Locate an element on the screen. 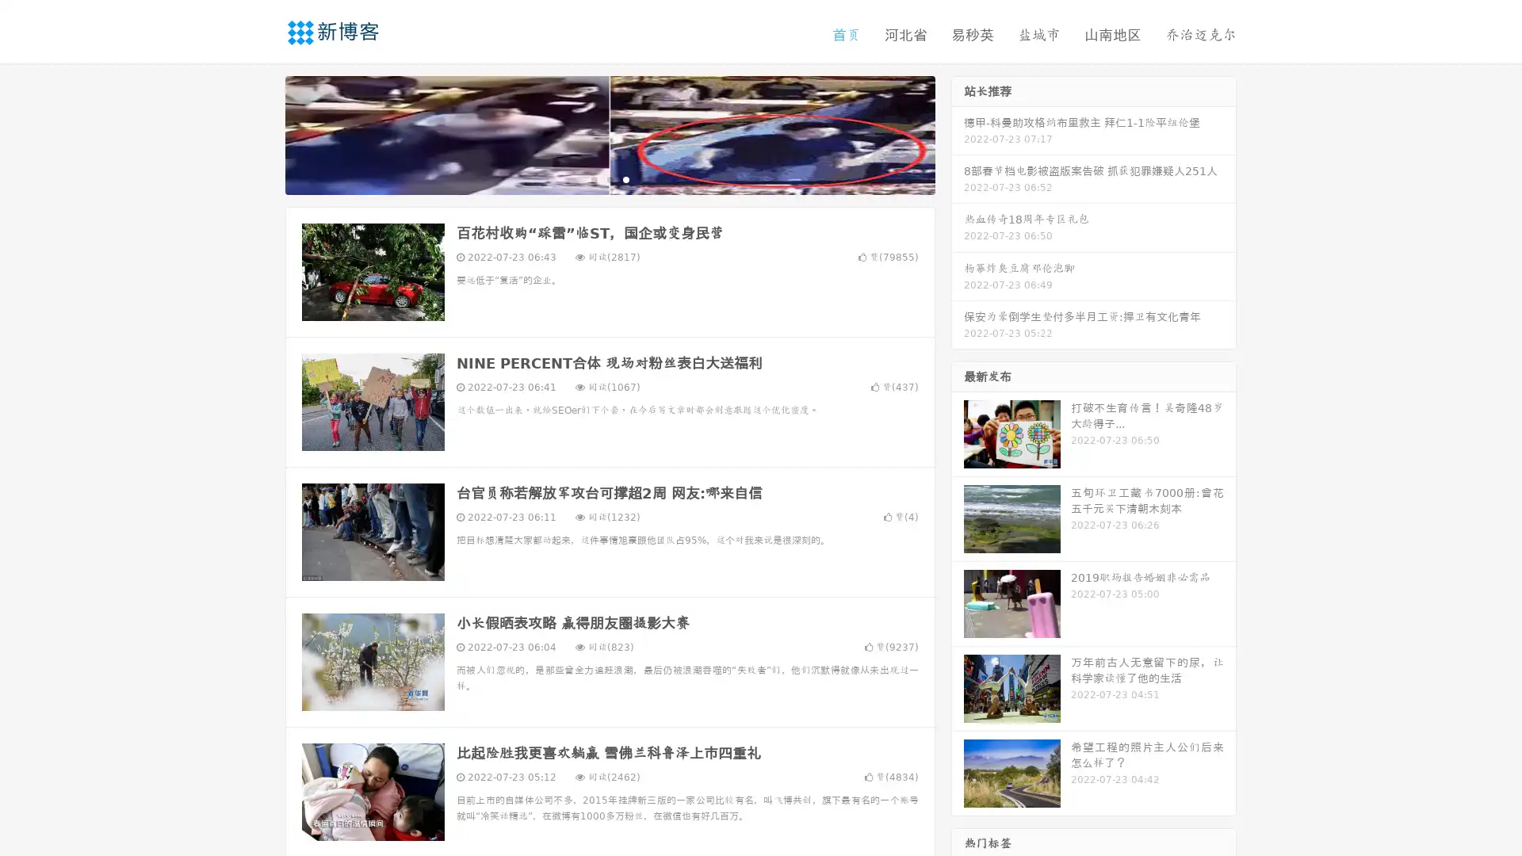  Go to slide 1 is located at coordinates (593, 178).